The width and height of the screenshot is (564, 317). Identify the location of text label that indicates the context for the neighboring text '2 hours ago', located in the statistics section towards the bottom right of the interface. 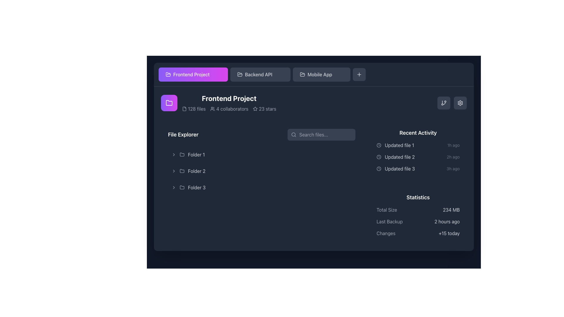
(390, 222).